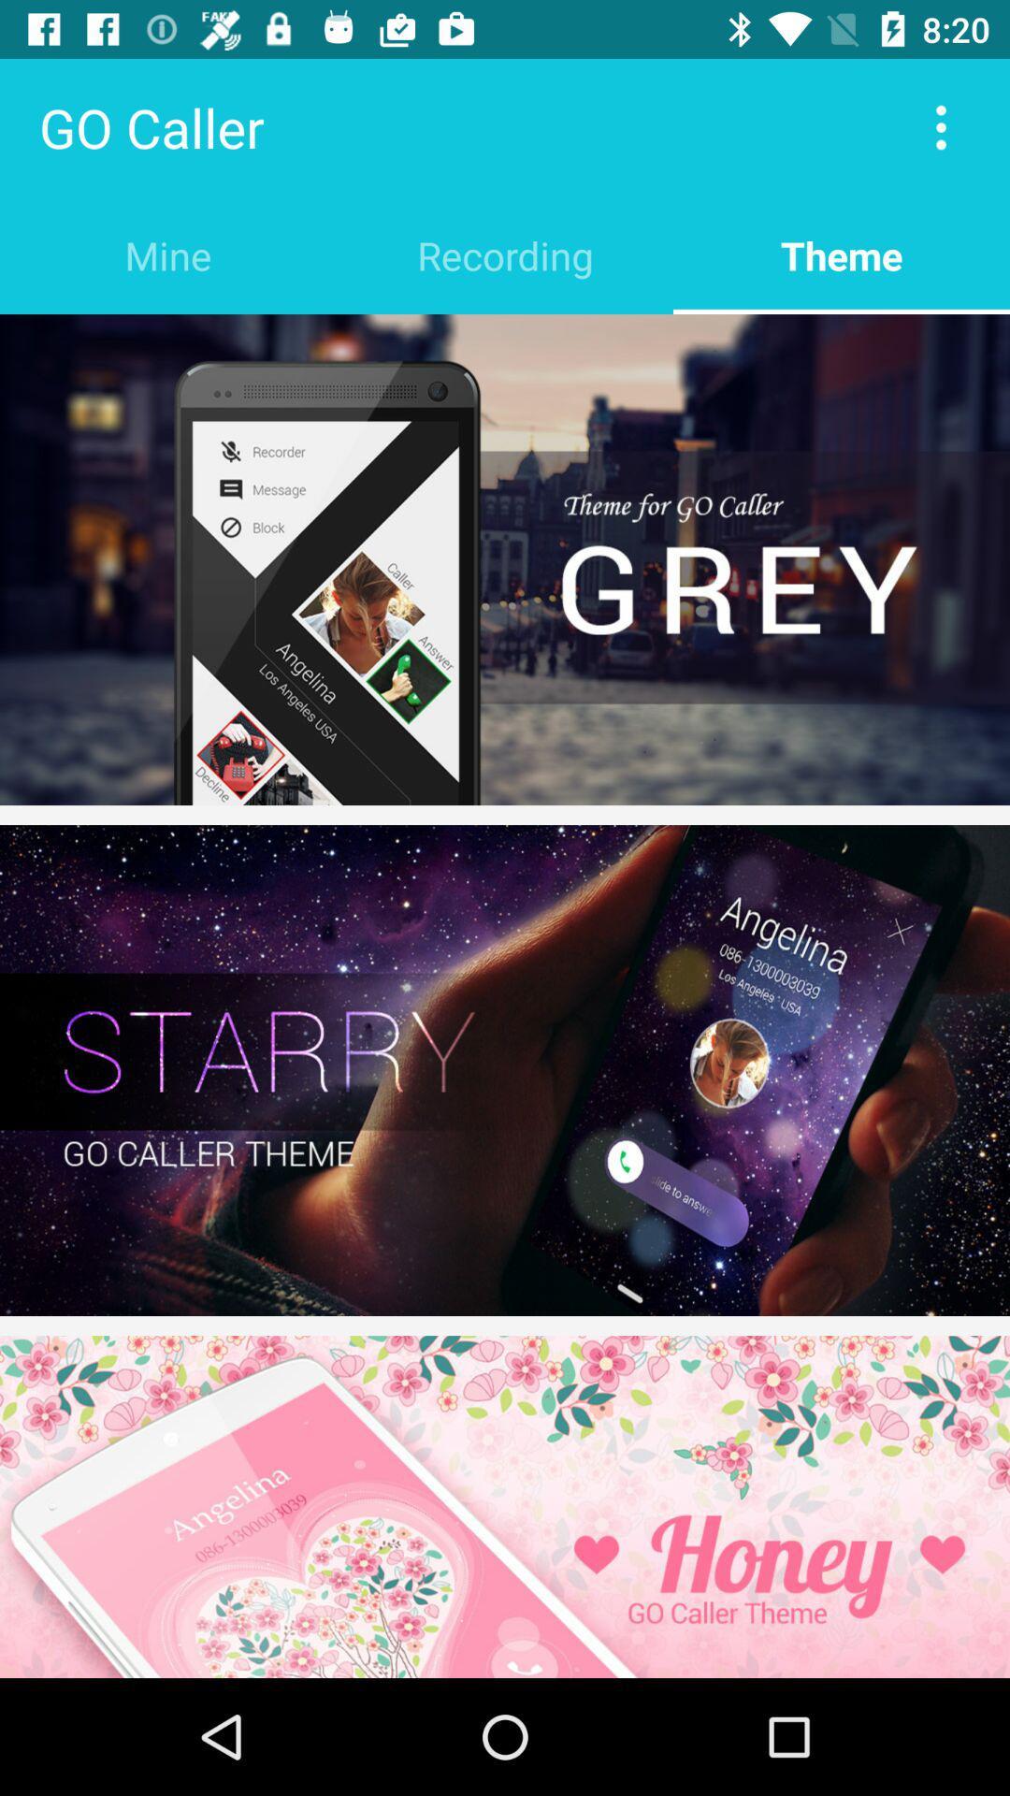 This screenshot has width=1010, height=1796. Describe the element at coordinates (941, 126) in the screenshot. I see `item next to the go caller icon` at that location.